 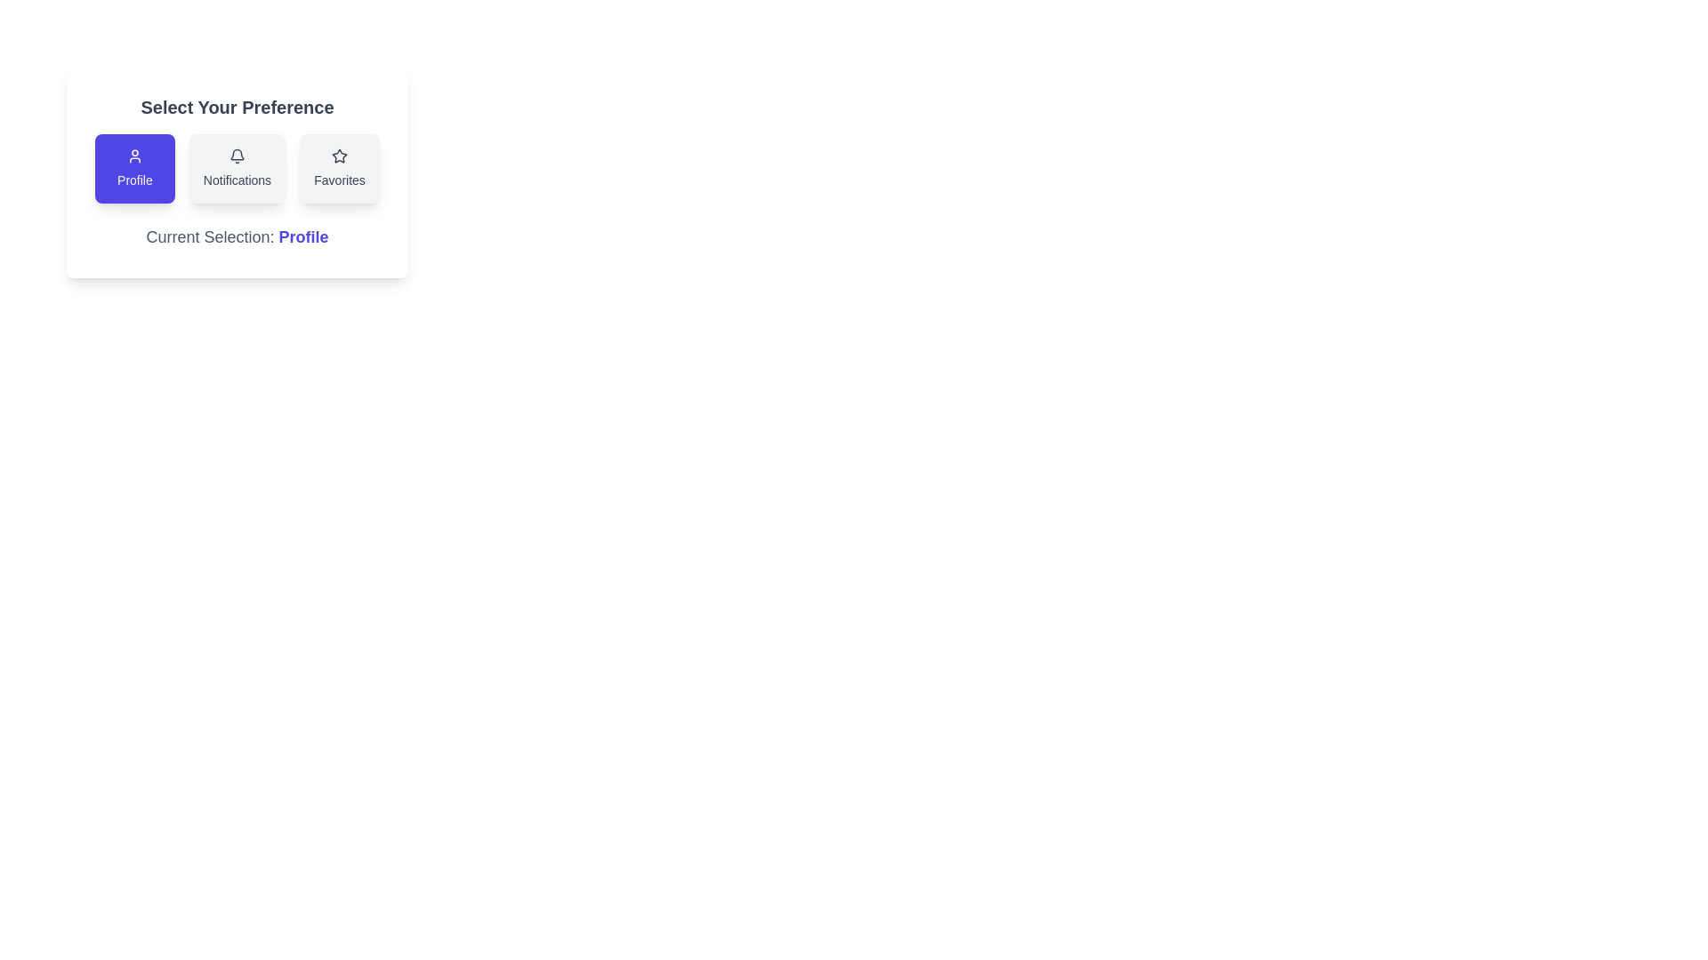 I want to click on the 'Favorites' button located to the far right of the layout, after 'Profile' and 'Notifications', so click(x=340, y=168).